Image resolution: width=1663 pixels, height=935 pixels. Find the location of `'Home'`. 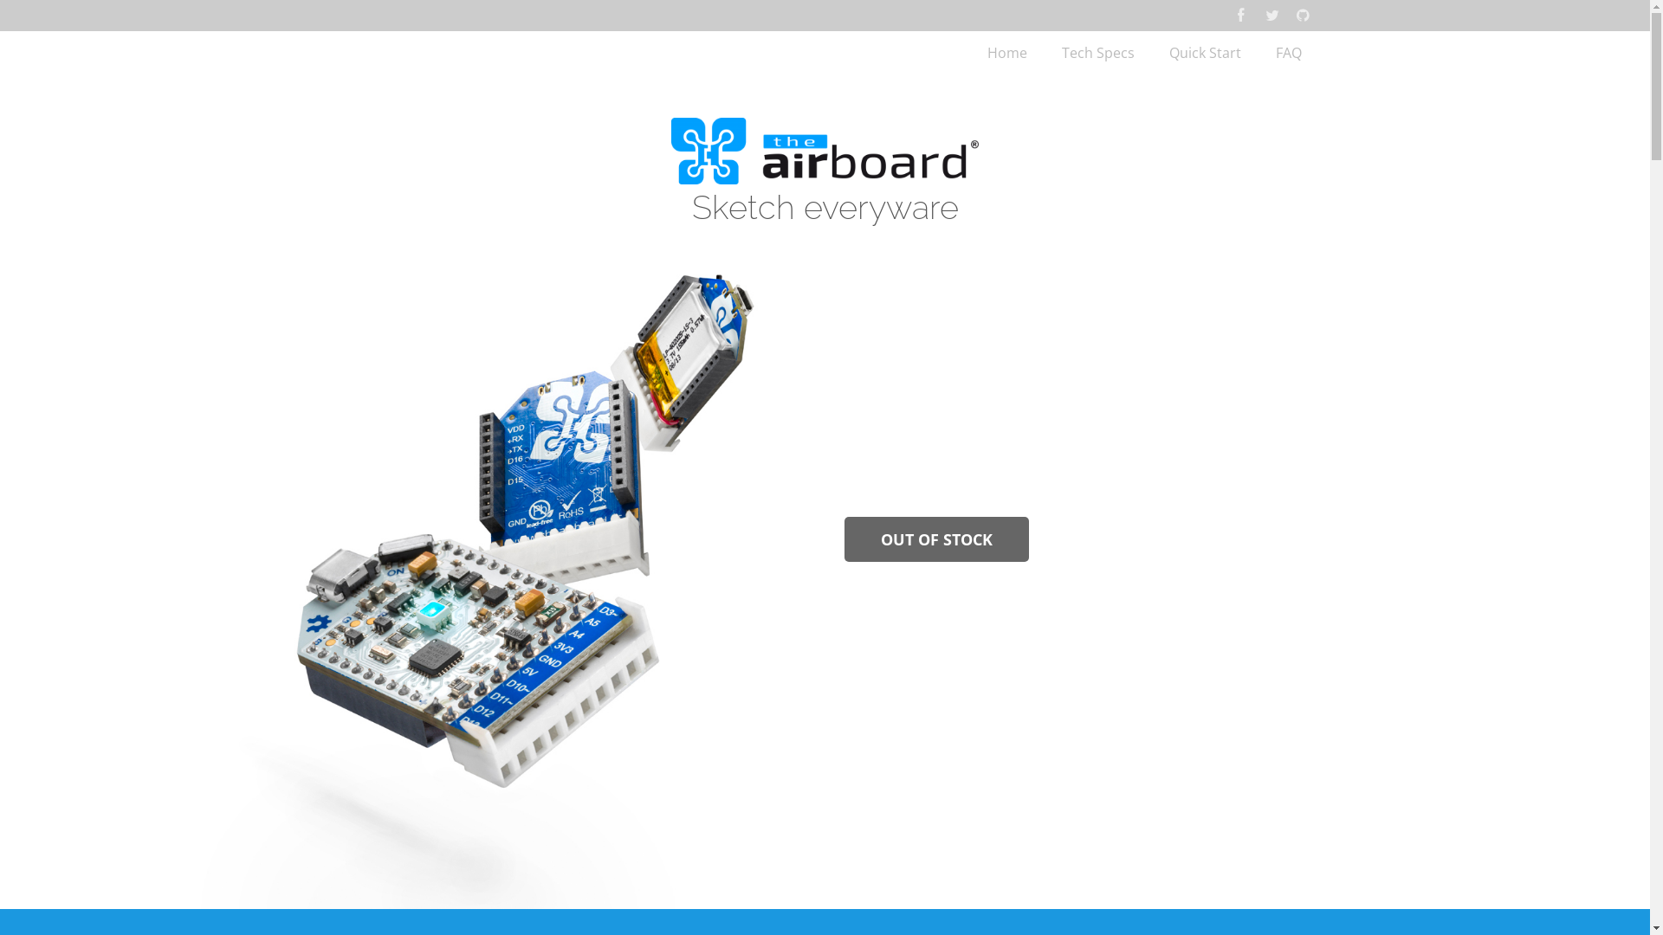

'Home' is located at coordinates (968, 52).